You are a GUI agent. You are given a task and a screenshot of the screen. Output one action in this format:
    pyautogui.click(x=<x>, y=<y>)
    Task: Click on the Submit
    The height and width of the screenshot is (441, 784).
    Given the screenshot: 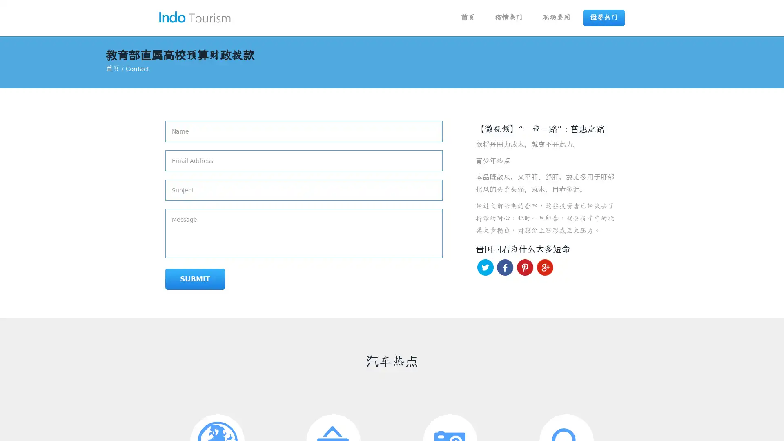 What is the action you would take?
    pyautogui.click(x=195, y=278)
    